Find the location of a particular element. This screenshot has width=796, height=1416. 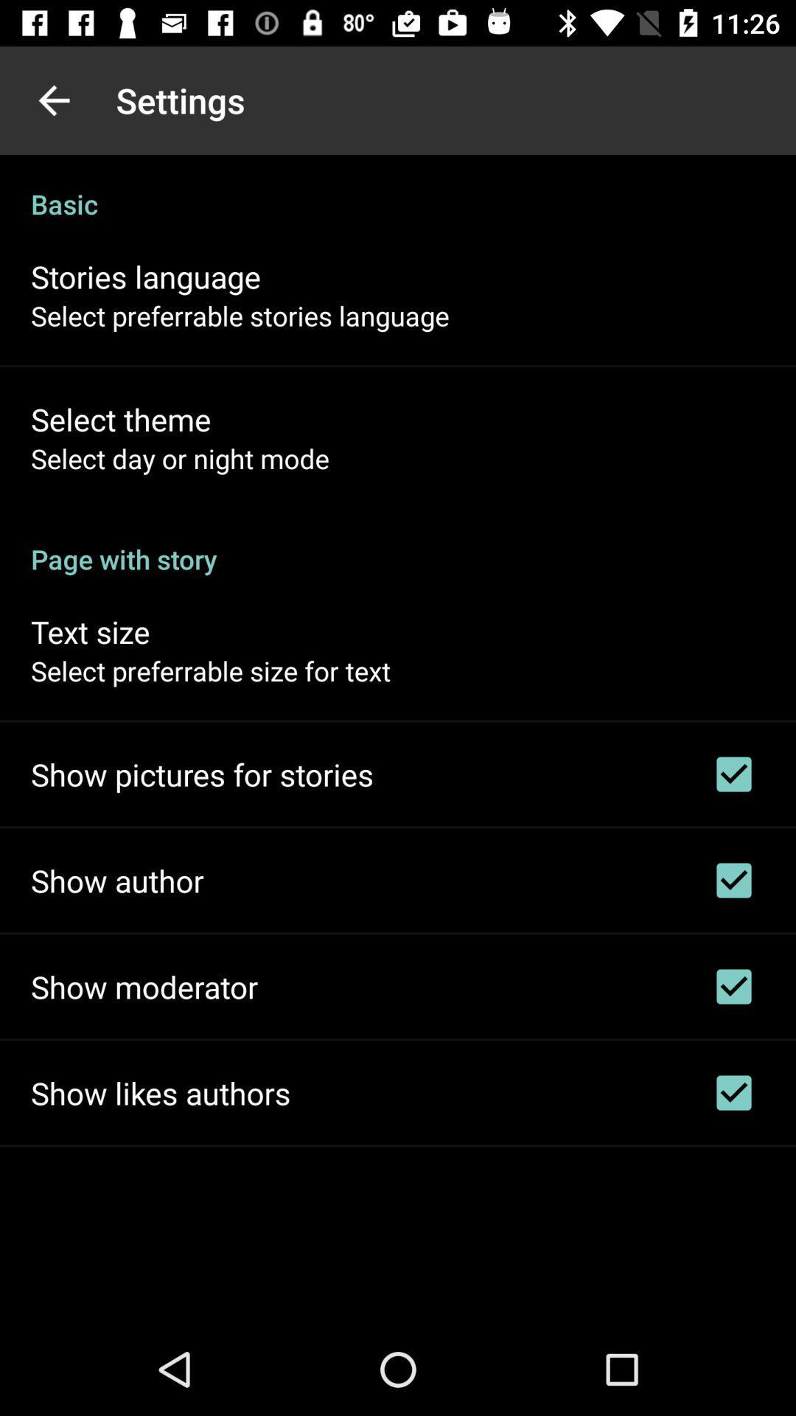

icon above the show likes authors item is located at coordinates (144, 987).